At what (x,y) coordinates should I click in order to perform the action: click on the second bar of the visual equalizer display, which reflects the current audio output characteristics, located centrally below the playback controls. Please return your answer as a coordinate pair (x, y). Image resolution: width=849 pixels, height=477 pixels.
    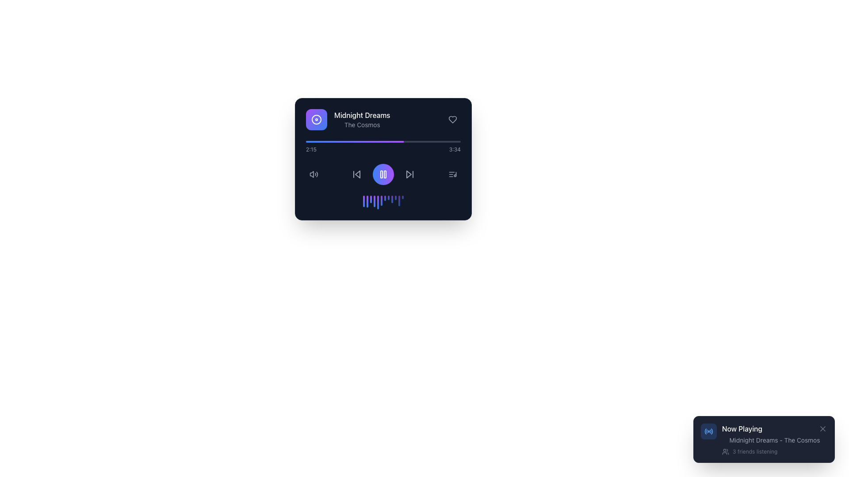
    Looking at the image, I should click on (367, 201).